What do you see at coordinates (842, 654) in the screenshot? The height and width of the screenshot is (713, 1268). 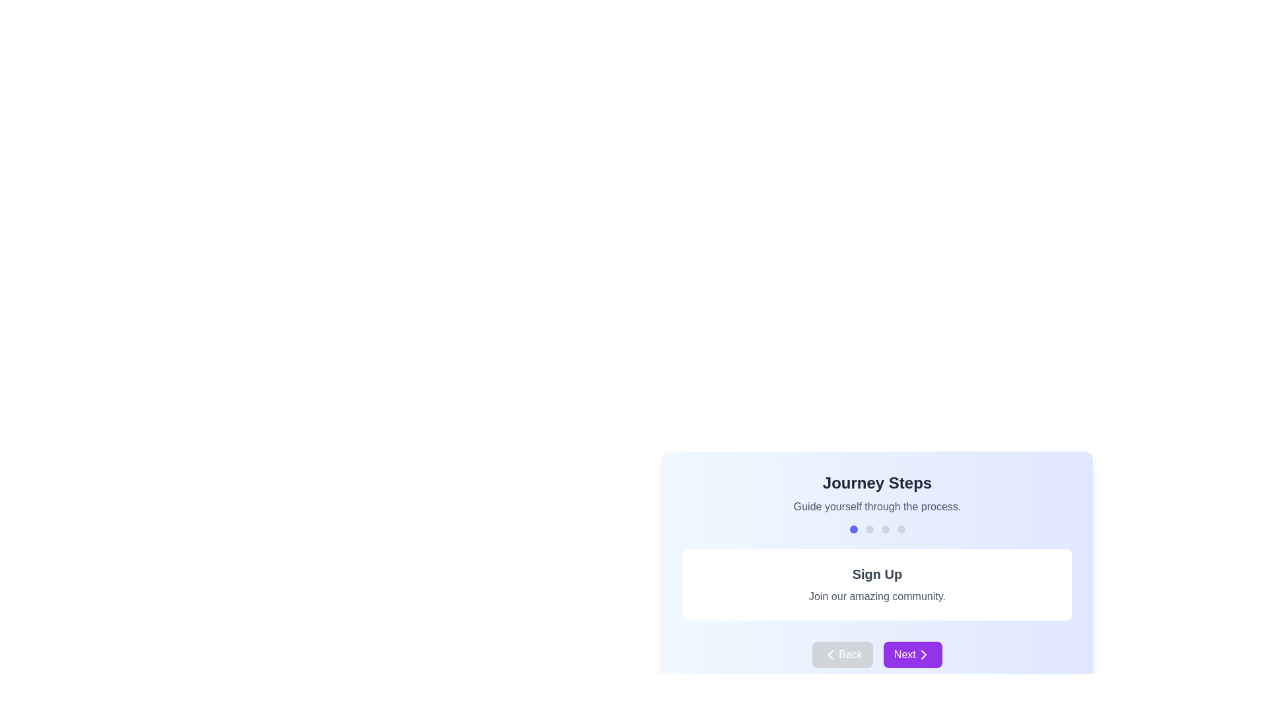 I see `the 'Back' button, which is styled with a purple background and has a leftwards arrow icon next to the text` at bounding box center [842, 654].